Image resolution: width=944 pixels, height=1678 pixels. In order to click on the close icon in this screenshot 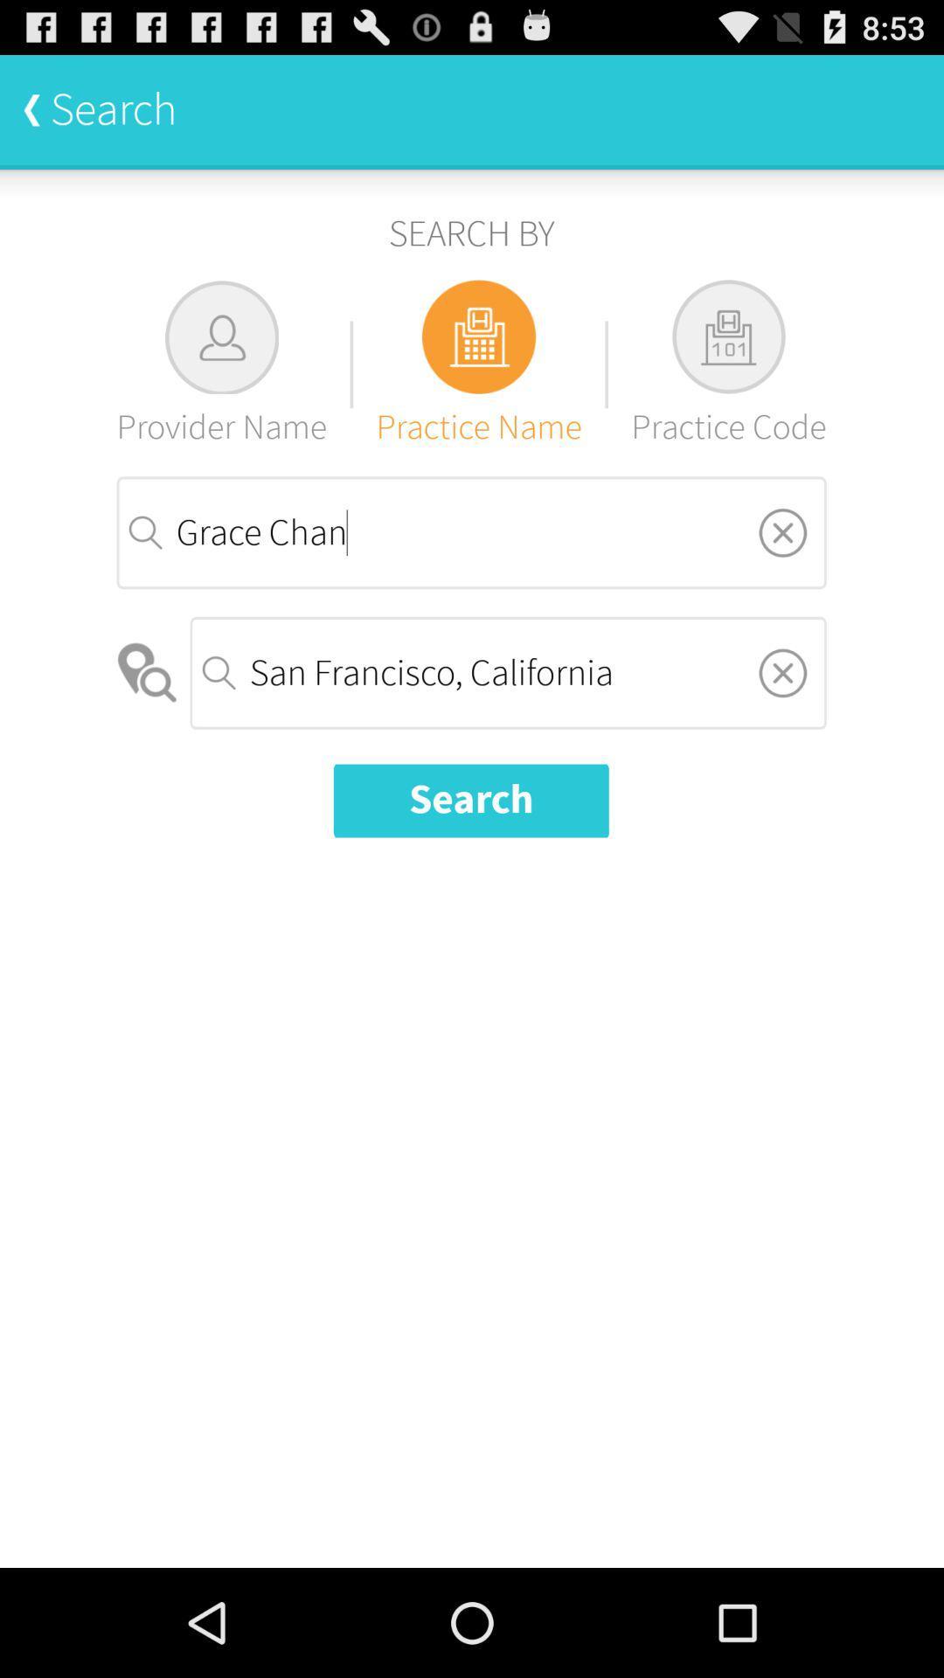, I will do `click(781, 719)`.